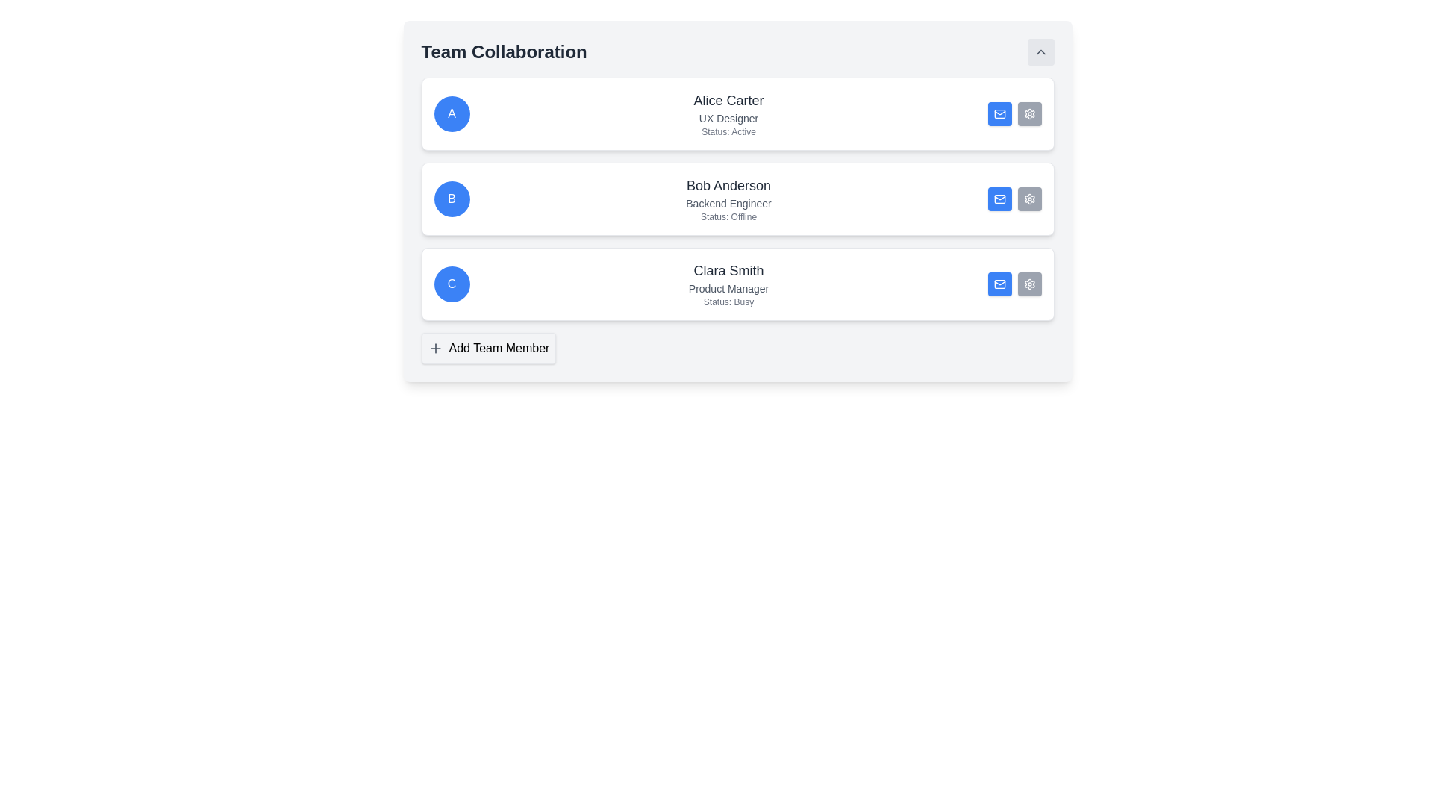  Describe the element at coordinates (728, 198) in the screenshot. I see `text content of the middle card's Text component, which displays 'Bob Anderson' in bold, 'Backend Engineer' in regular font, and 'Status: Offline' in lighter font` at that location.